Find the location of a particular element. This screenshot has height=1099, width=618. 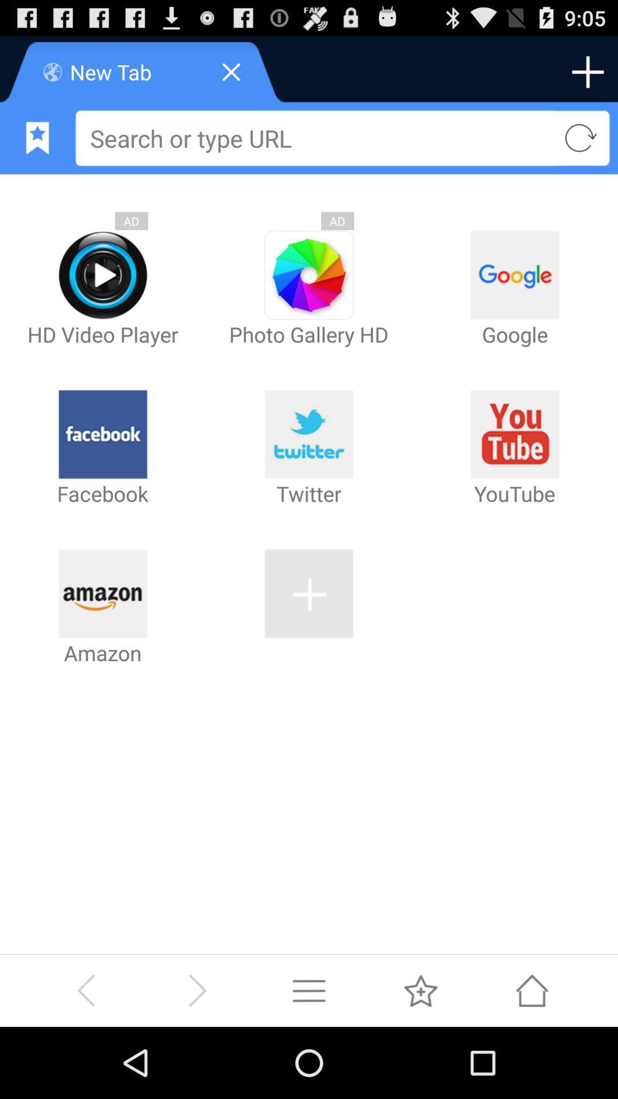

the add icon is located at coordinates (588, 76).